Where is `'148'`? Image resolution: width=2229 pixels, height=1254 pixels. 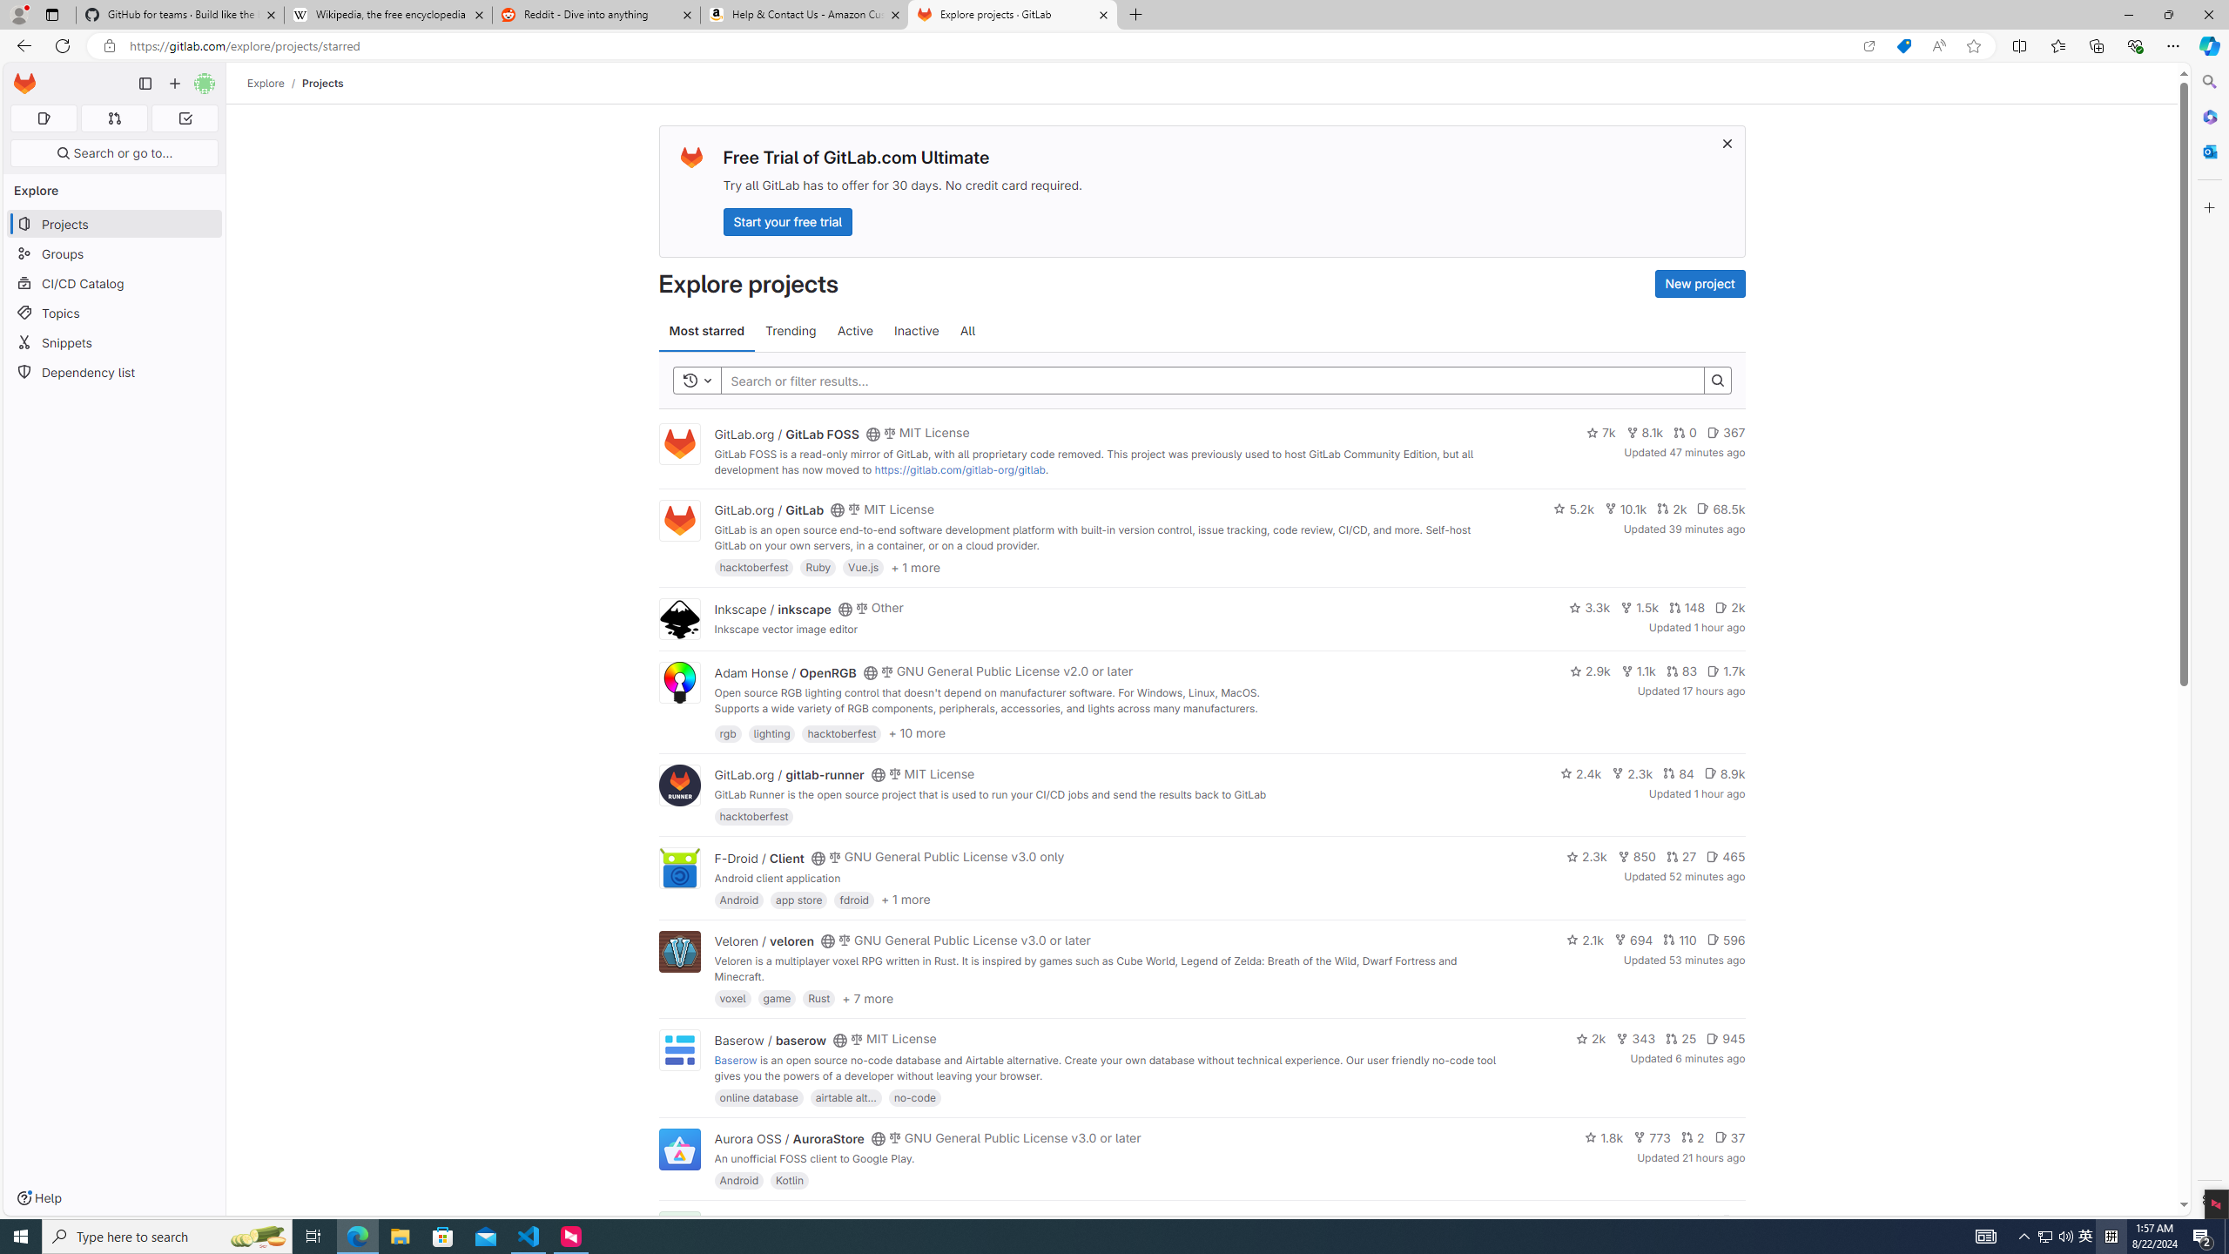 '148' is located at coordinates (1686, 607).